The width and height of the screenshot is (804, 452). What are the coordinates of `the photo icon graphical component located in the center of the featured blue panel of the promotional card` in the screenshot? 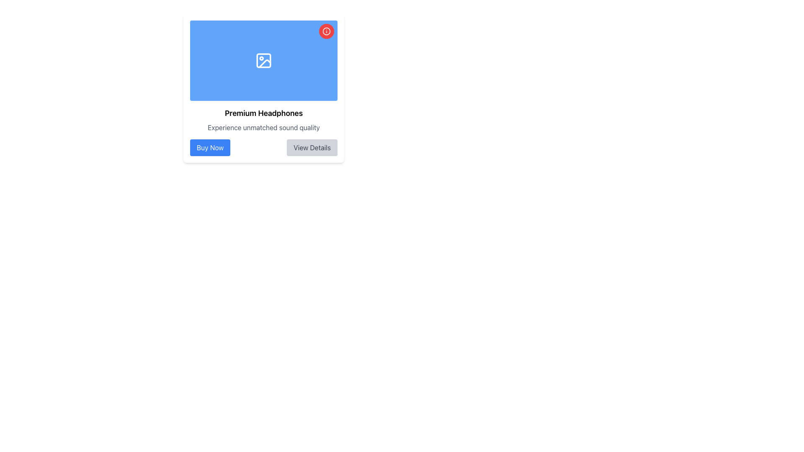 It's located at (264, 63).